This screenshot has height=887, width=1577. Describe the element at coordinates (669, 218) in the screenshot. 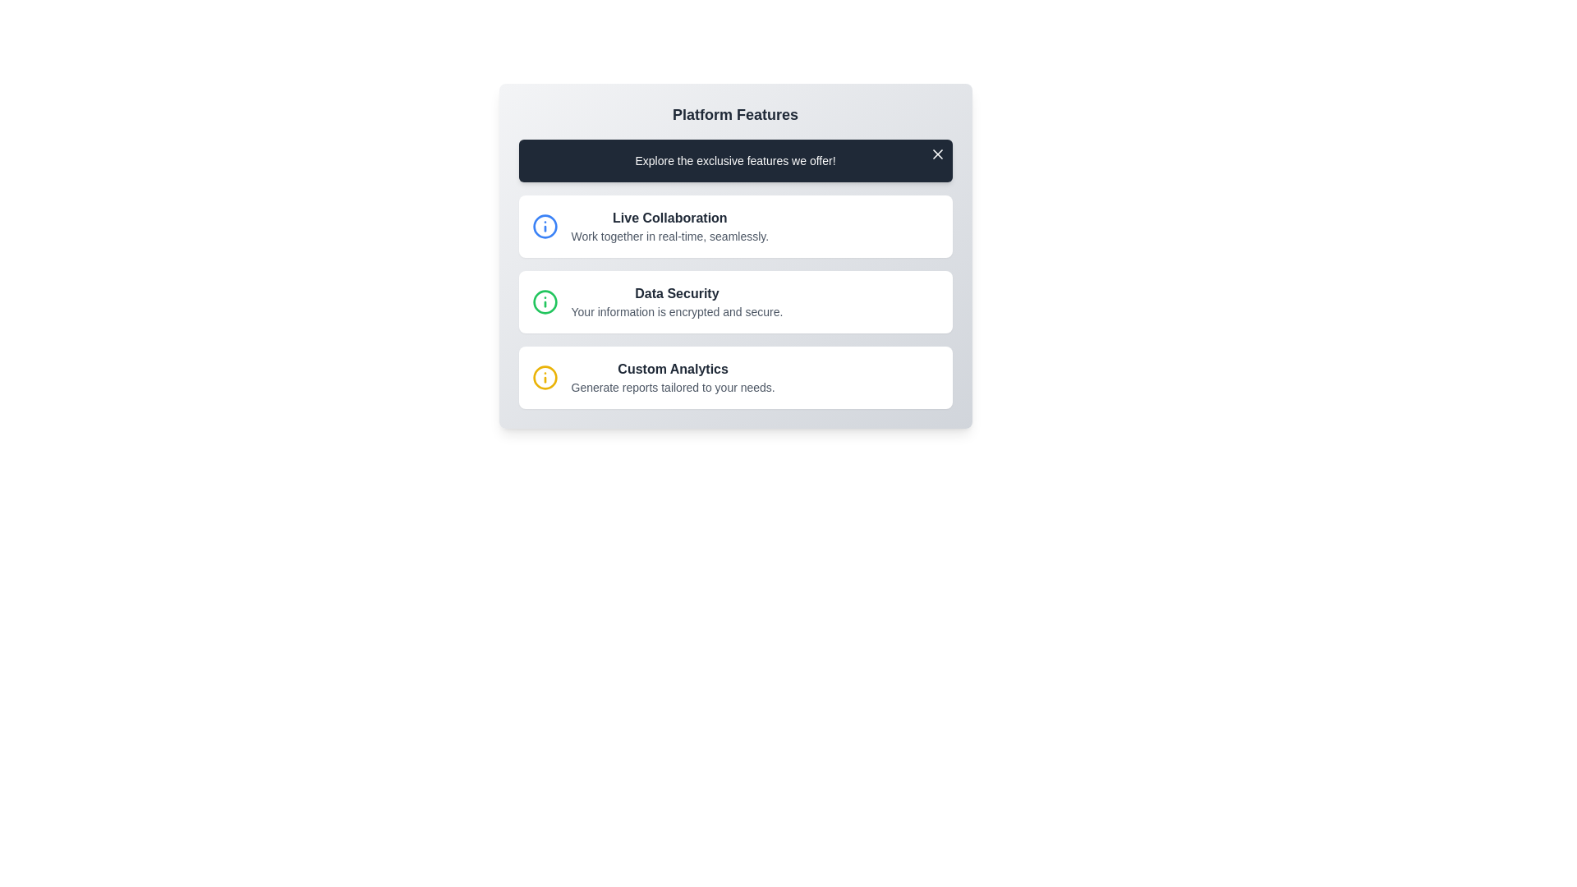

I see `the static text heading displaying 'Live Collaboration', which is styled in bold and dark gray, located in the topmost row of a vertically stacked feature list` at that location.